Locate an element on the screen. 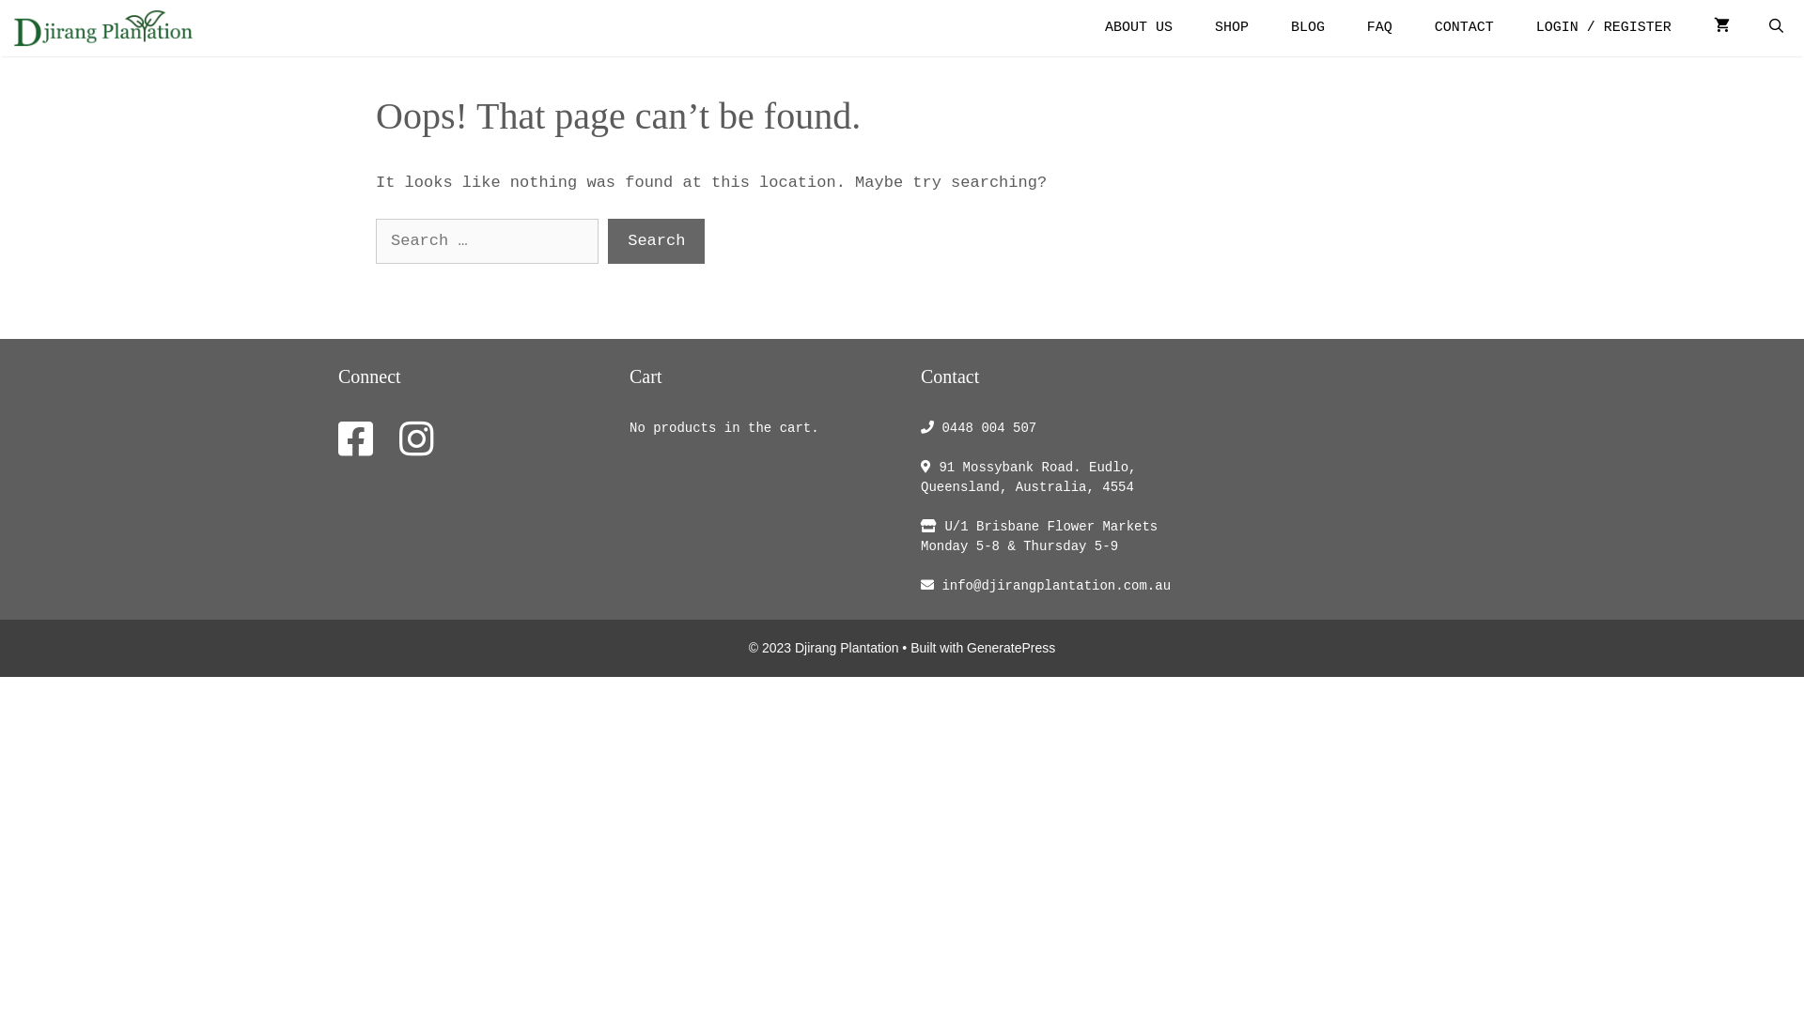 The width and height of the screenshot is (1804, 1014). 'CONTACT' is located at coordinates (1463, 28).